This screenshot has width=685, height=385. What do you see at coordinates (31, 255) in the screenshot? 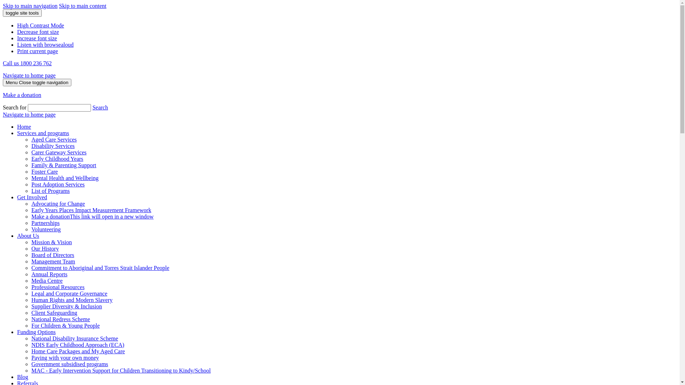
I see `'Board of Directors'` at bounding box center [31, 255].